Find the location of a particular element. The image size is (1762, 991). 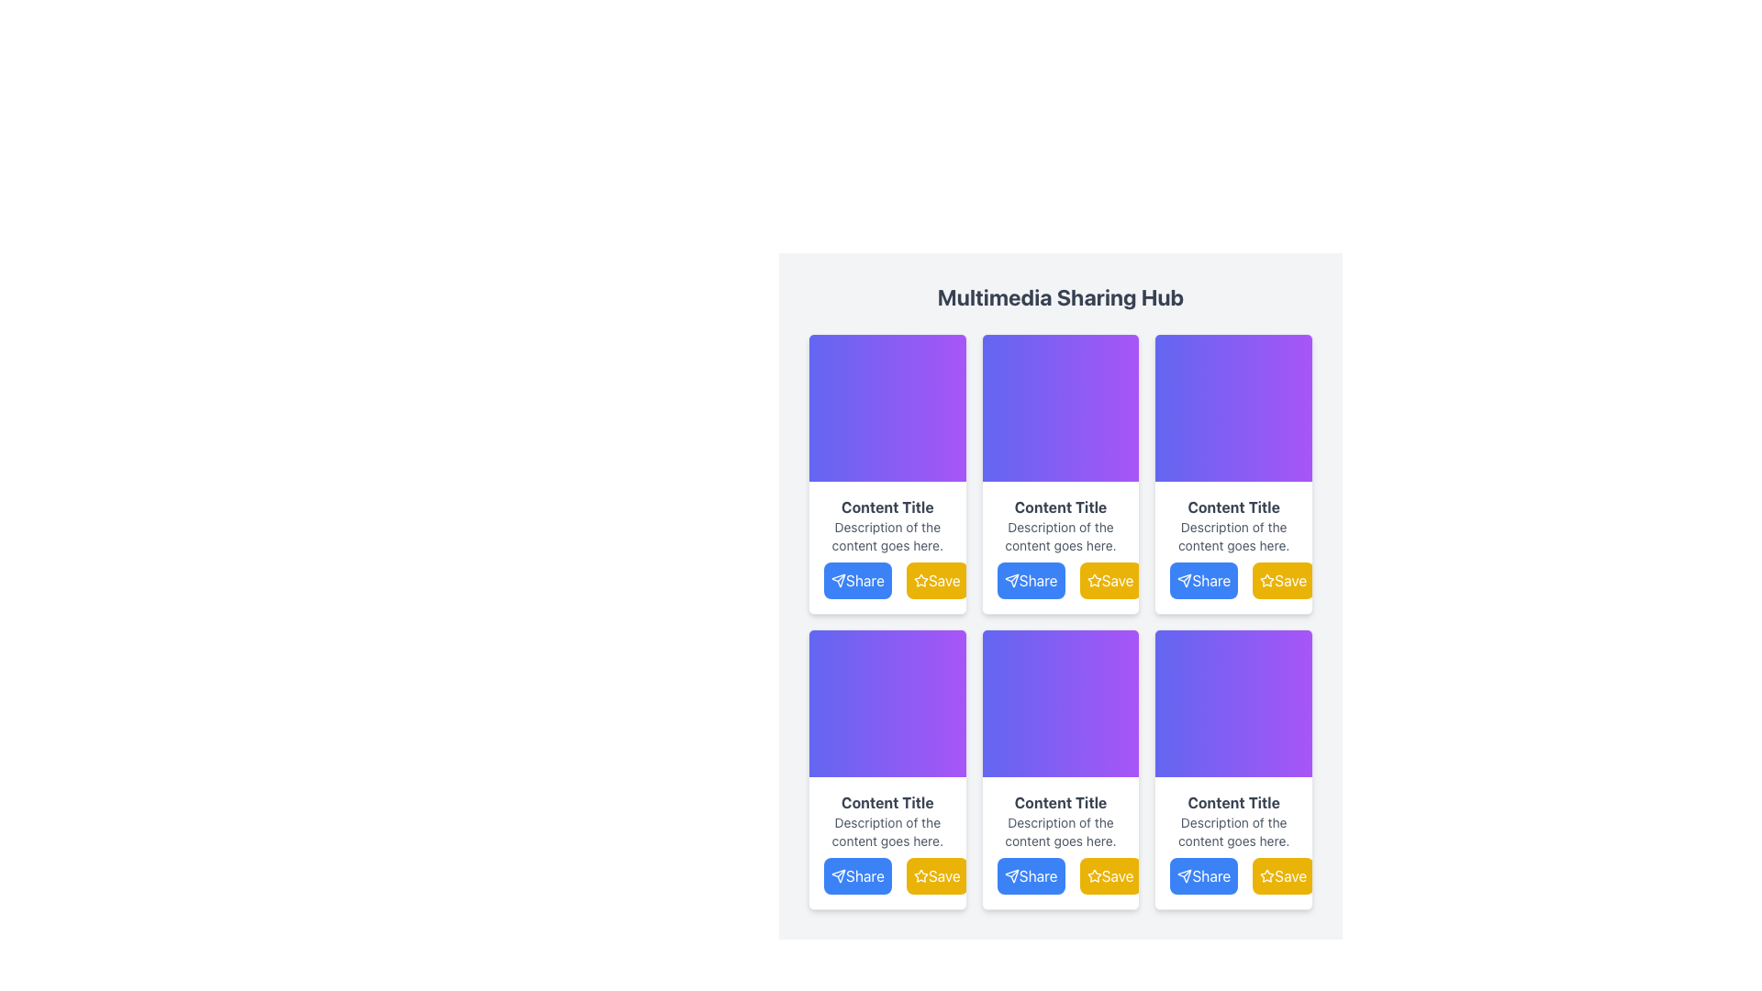

the 'Content Title' text label, which is styled in bold dark gray and positioned at the top of the card-like structure is located at coordinates (887, 507).